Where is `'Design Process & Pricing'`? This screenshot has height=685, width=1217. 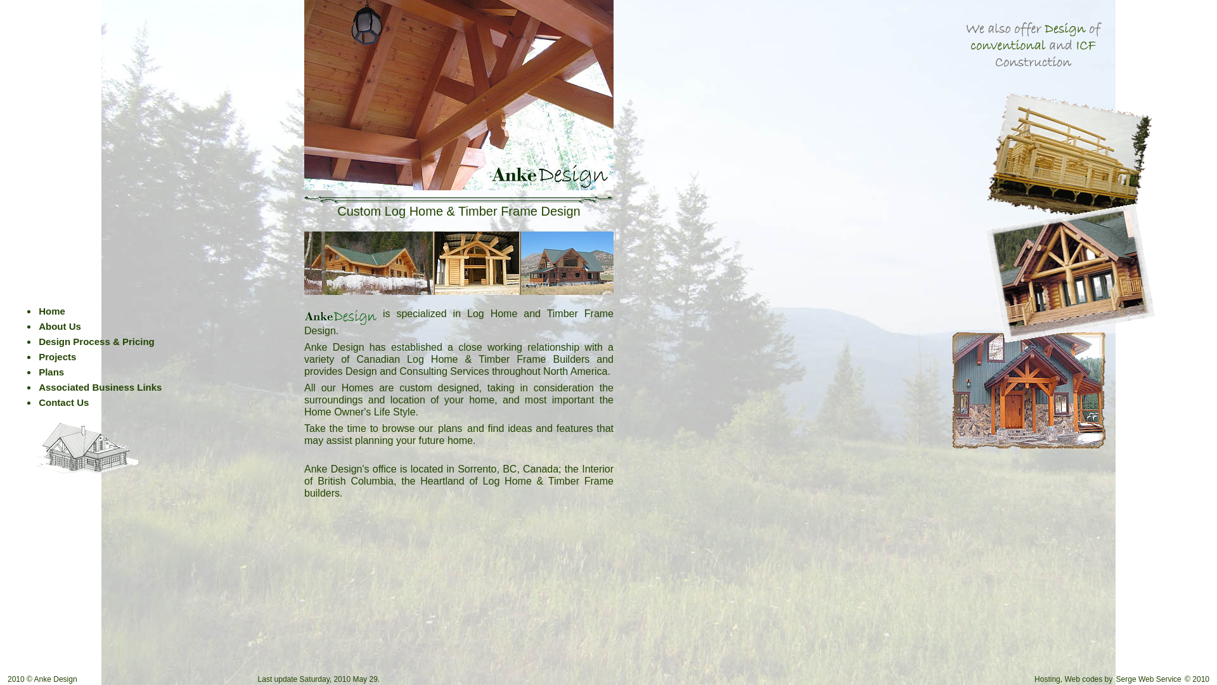 'Design Process & Pricing' is located at coordinates (96, 341).